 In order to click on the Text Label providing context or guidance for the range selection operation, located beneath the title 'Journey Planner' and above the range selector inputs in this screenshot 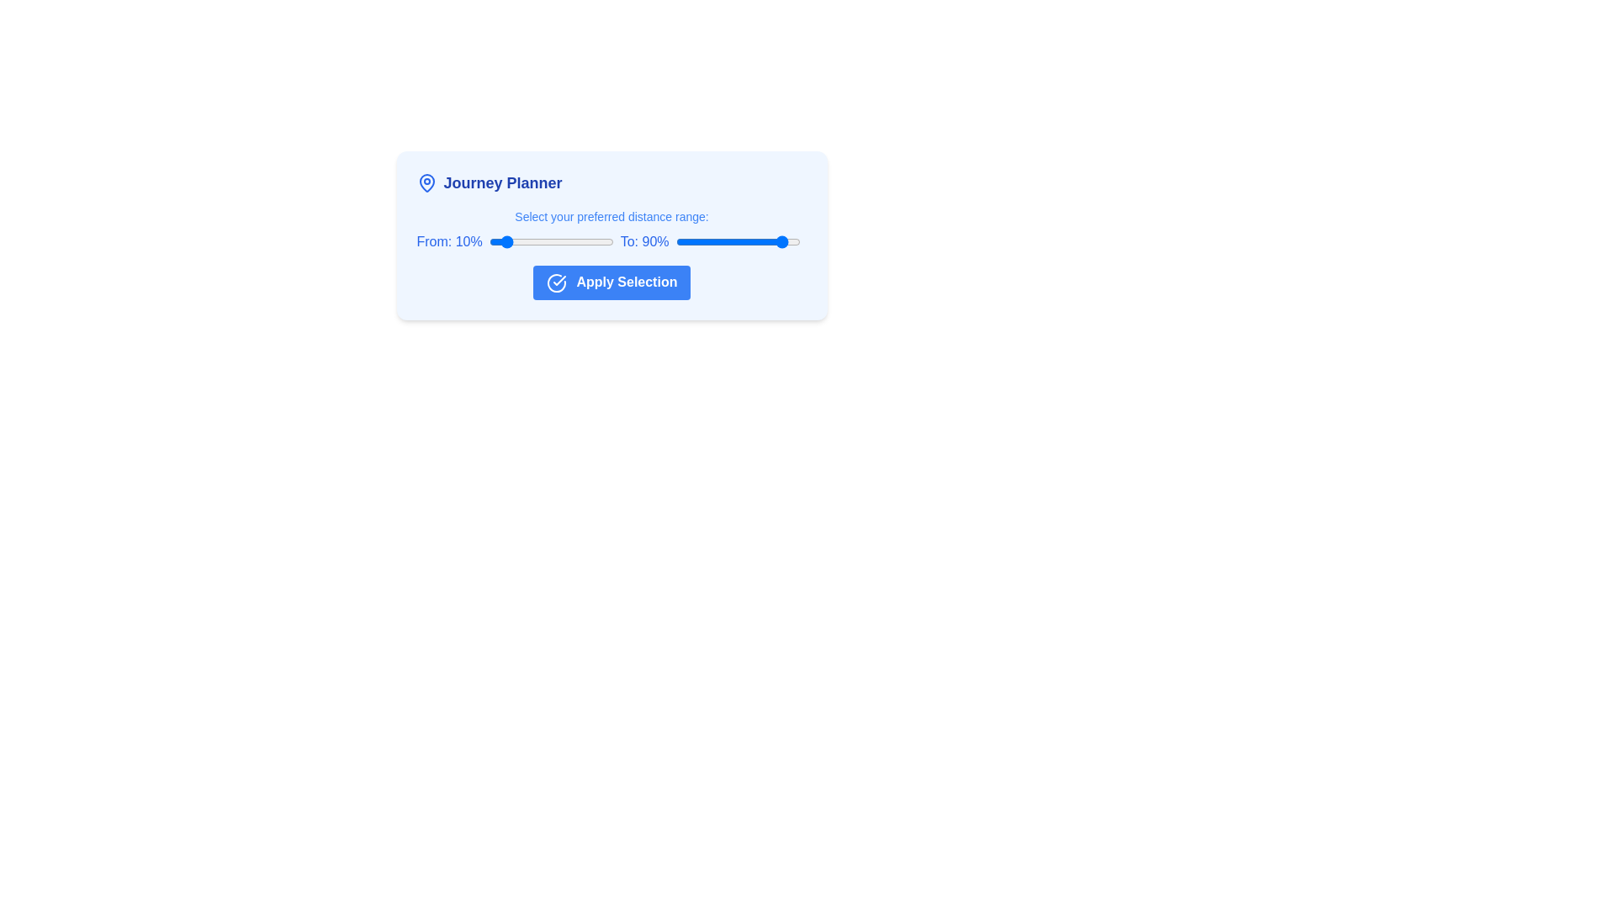, I will do `click(611, 216)`.